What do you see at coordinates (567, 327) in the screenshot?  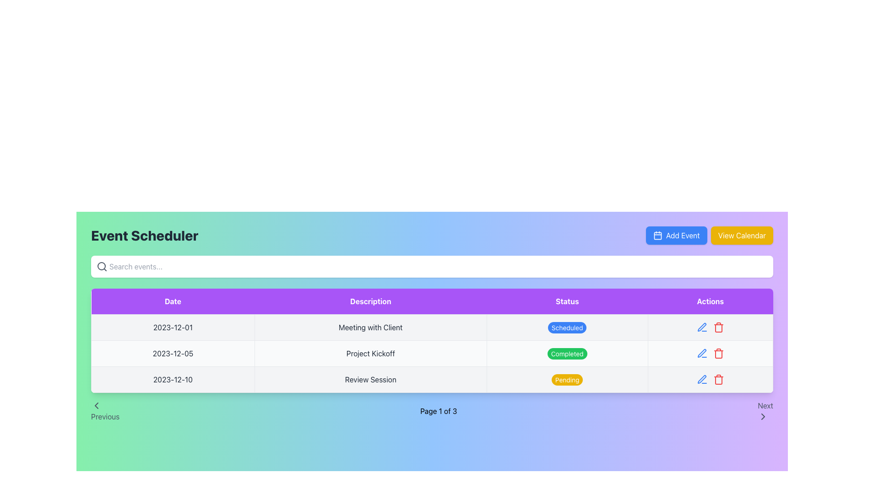 I see `the 'Scheduled' status indicator in the 'Status' column of the 'Event Scheduler' table, which is a blue rounded rectangle with white text, located in the row for the 'Meeting with Client' event on '2023-12-01'` at bounding box center [567, 327].